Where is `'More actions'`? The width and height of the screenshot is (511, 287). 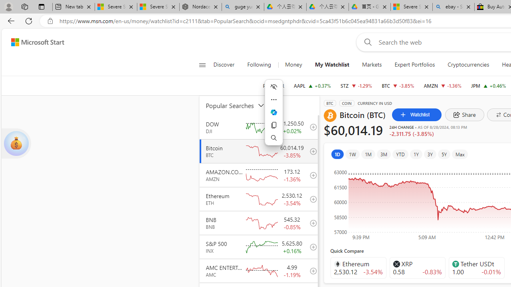
'More actions' is located at coordinates (274, 99).